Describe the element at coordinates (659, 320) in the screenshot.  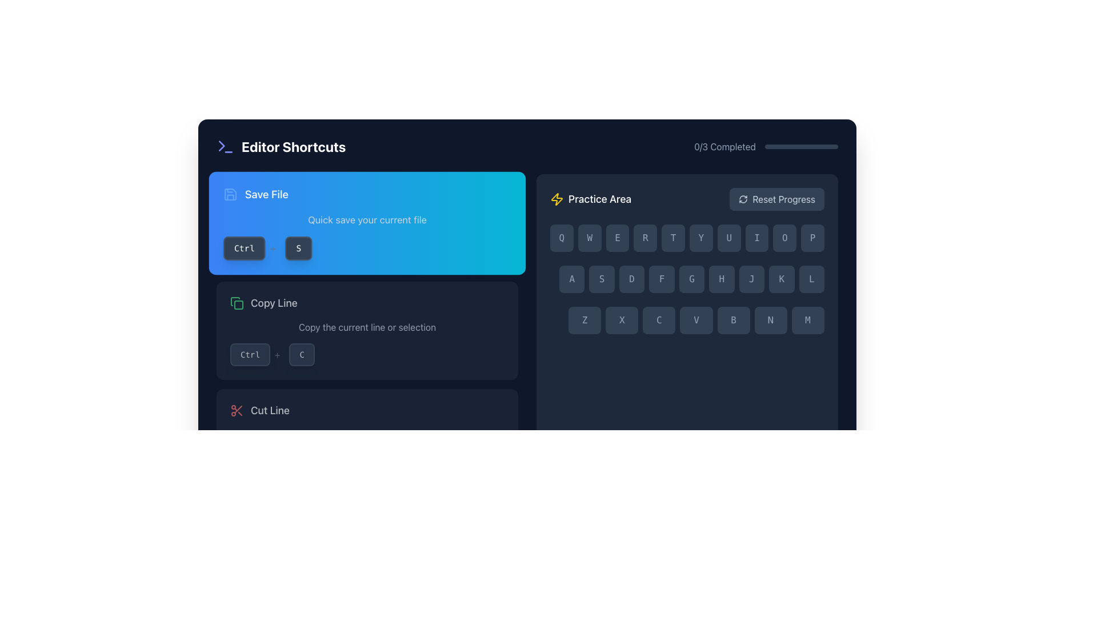
I see `the virtual keyboard key button labeled 'C', which is a rounded rectangular button with a dark slate blue background and light slate gray text` at that location.